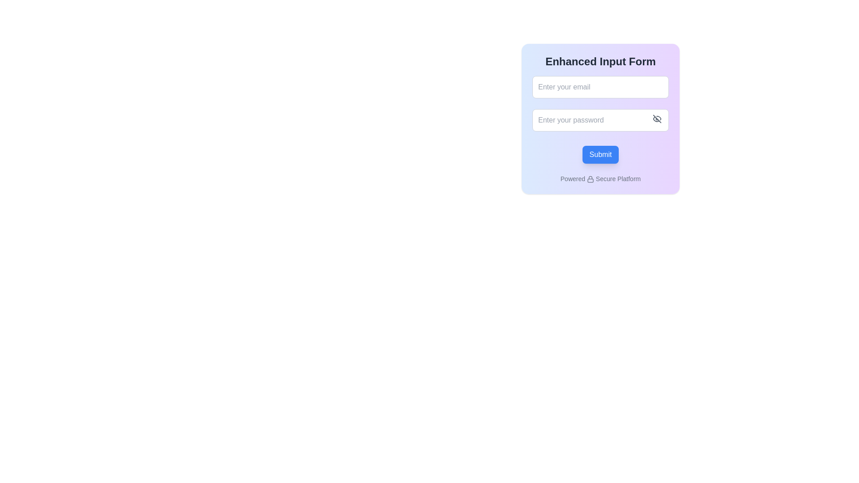 This screenshot has width=859, height=483. What do you see at coordinates (600, 154) in the screenshot?
I see `the submission button located within the 'Enhanced Input Form'` at bounding box center [600, 154].